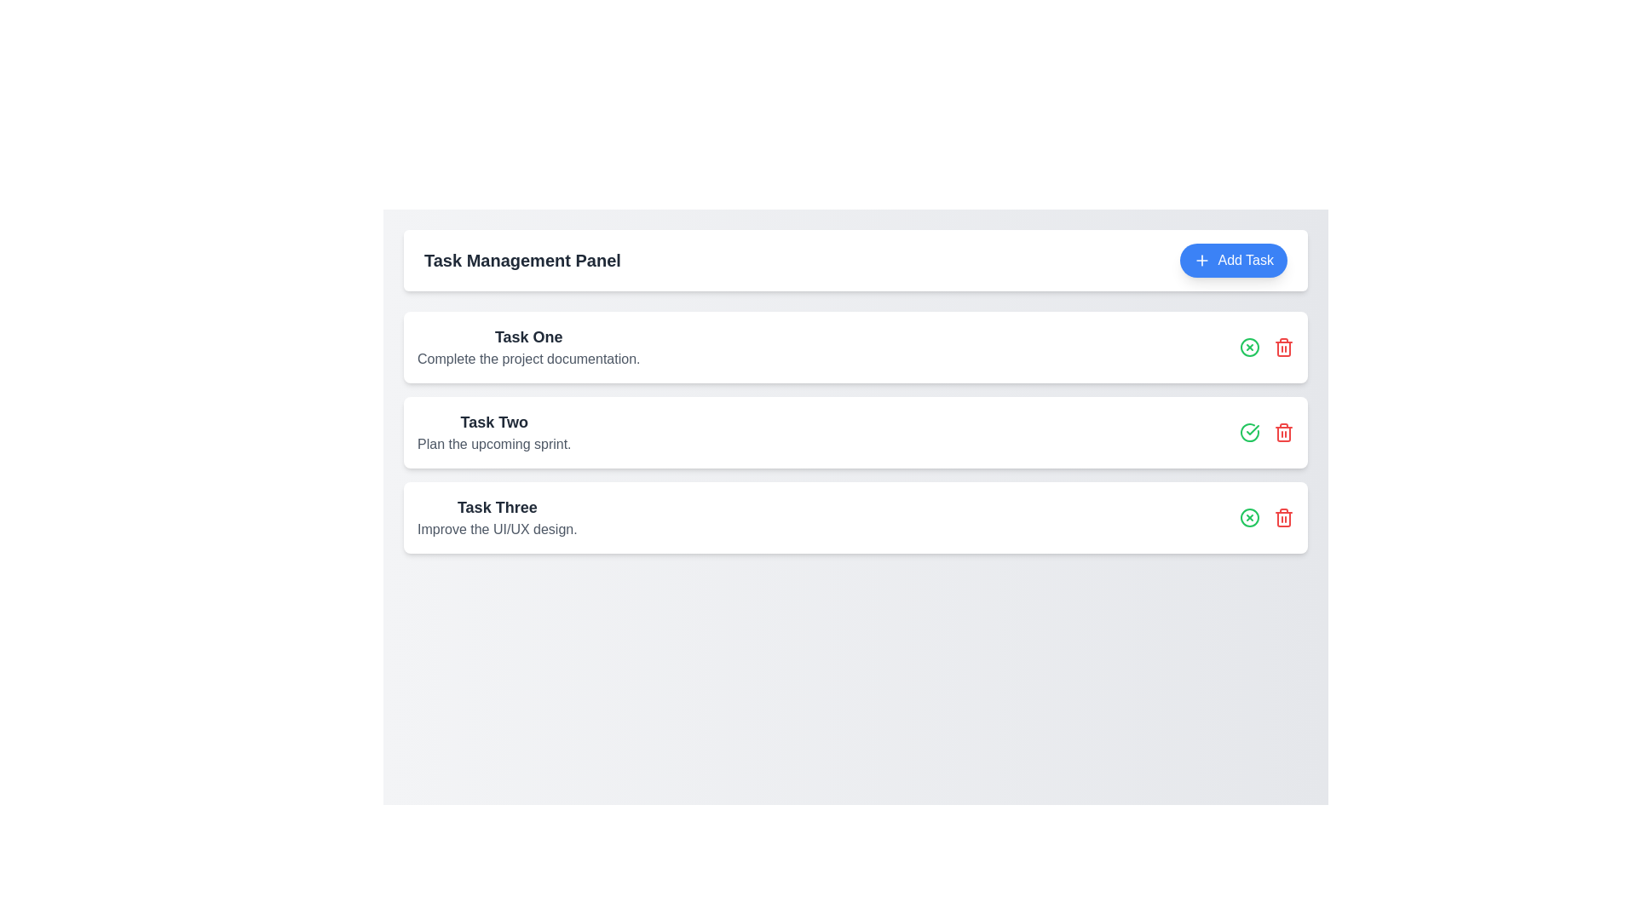 The width and height of the screenshot is (1636, 920). Describe the element at coordinates (1250, 347) in the screenshot. I see `the green circular icon button with a green cross symbol` at that location.